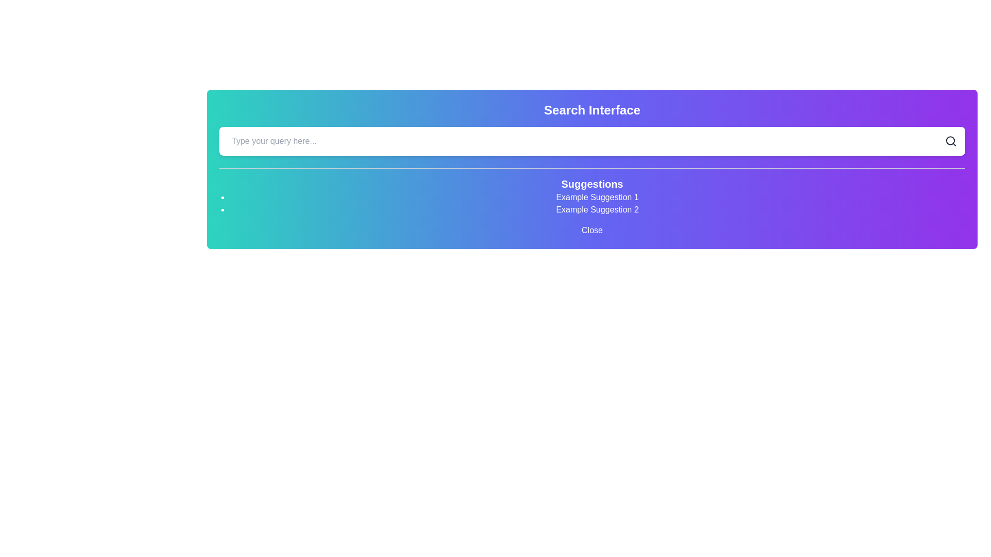  What do you see at coordinates (597, 209) in the screenshot?
I see `the clickable text item displaying 'Example Suggestion 2' to change its appearance` at bounding box center [597, 209].